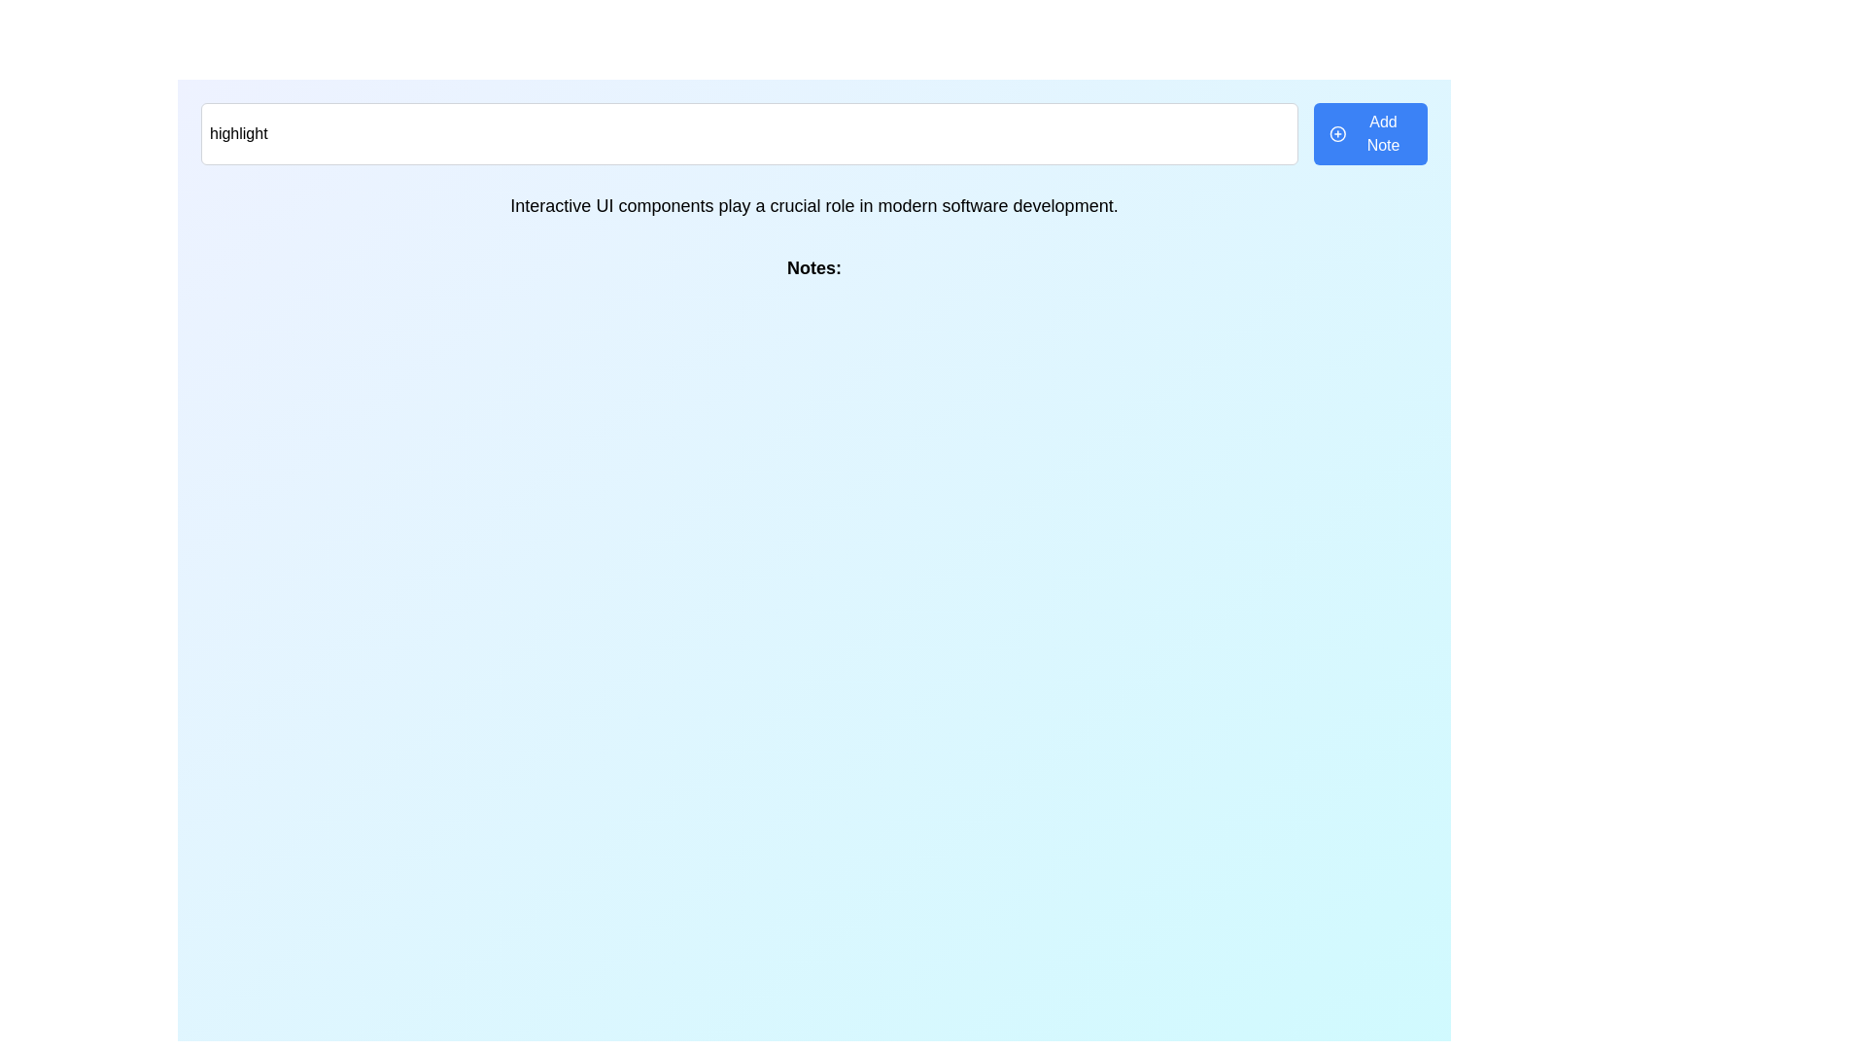  I want to click on the outer circular part of the 'plus' symbol icon located in the top-right corner of the interface next to the 'Add Note' button, so click(1337, 133).